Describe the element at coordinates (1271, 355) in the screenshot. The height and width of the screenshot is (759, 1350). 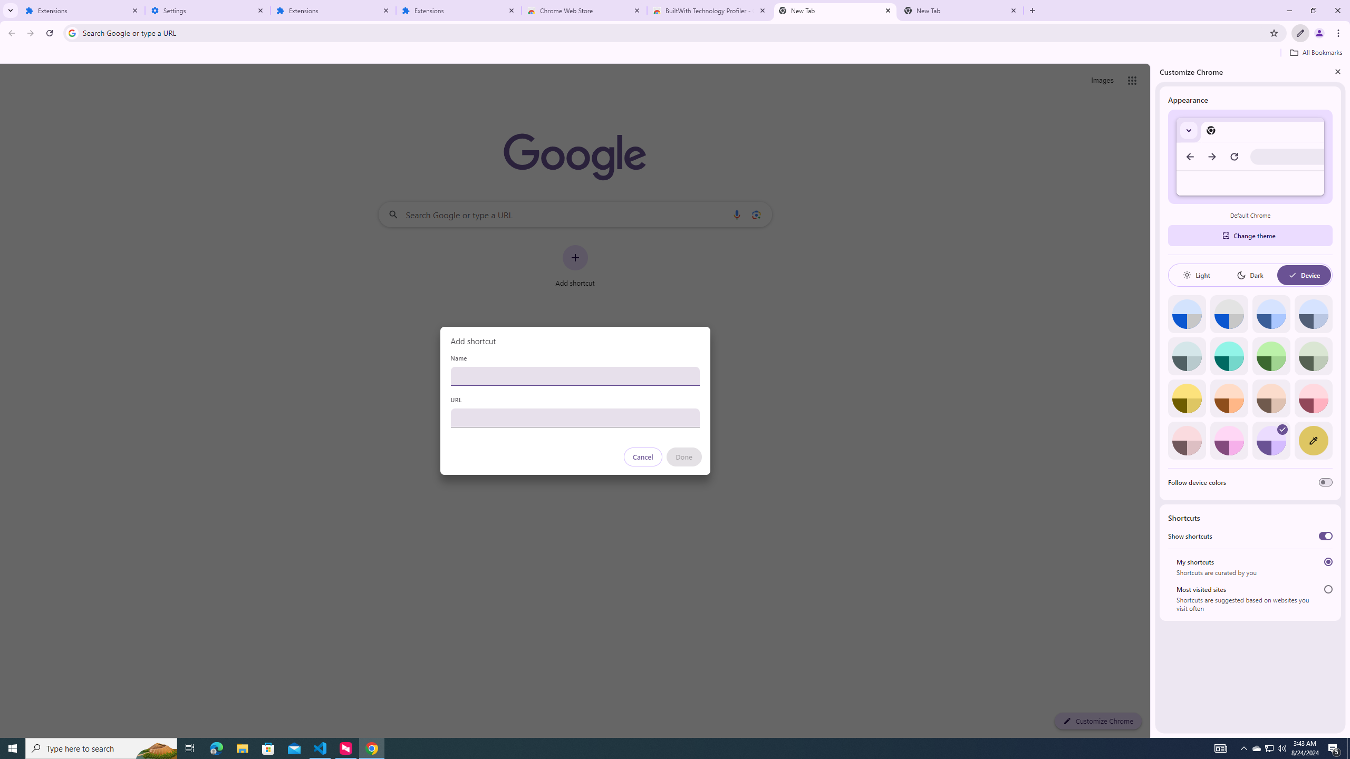
I see `'Green'` at that location.